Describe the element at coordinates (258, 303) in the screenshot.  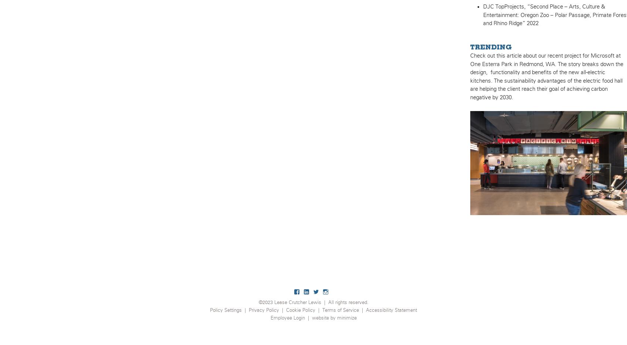
I see `'©2023'` at that location.